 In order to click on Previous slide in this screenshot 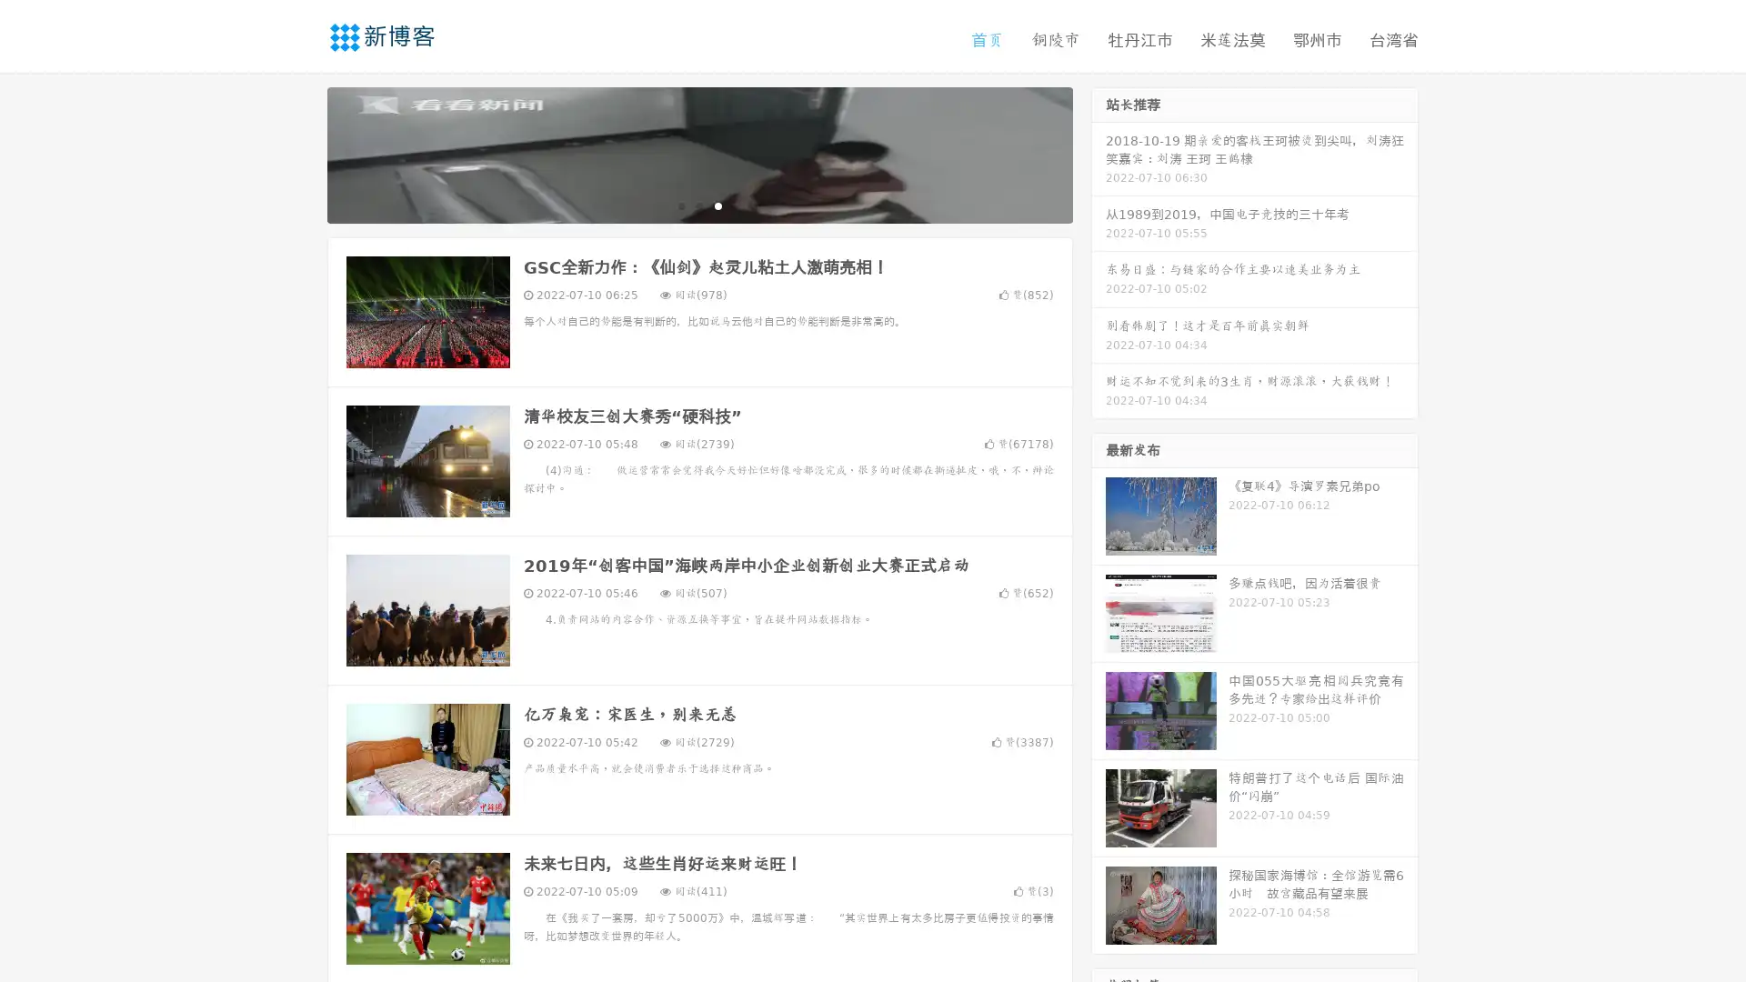, I will do `click(300, 153)`.